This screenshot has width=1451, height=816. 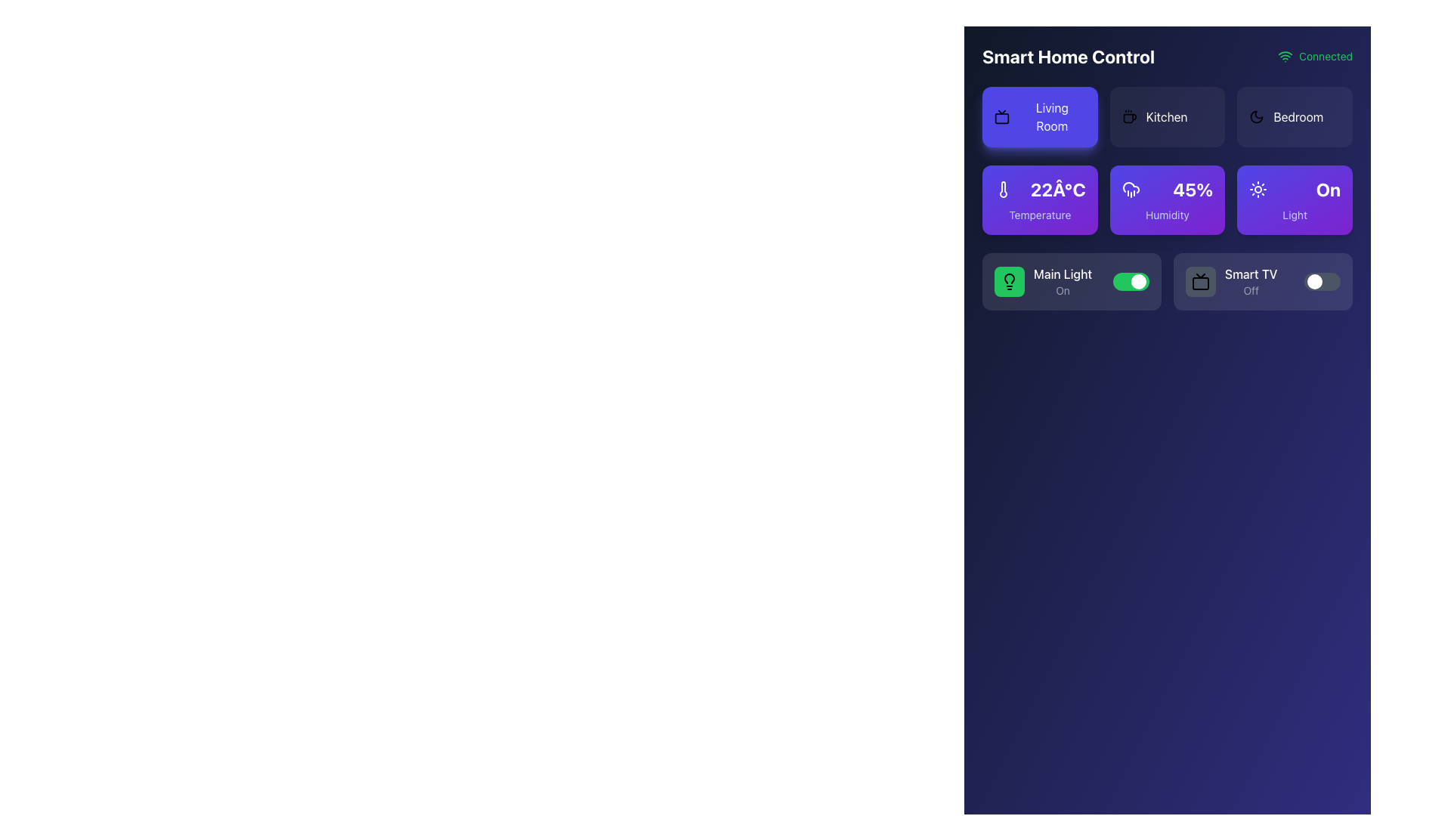 What do you see at coordinates (1057, 188) in the screenshot?
I see `the temperature reading text label displaying '22Â°C', which is prominently styled in white on a purple panel under the 'Living Room' button` at bounding box center [1057, 188].